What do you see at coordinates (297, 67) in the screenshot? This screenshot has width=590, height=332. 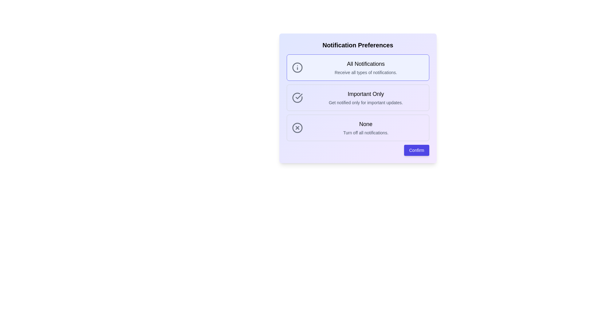 I see `the circular icon with a dot character in the 'All Notifications' option within the notification options dialog` at bounding box center [297, 67].